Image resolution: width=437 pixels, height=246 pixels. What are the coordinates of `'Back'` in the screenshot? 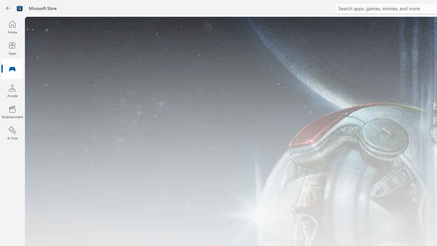 It's located at (8, 8).